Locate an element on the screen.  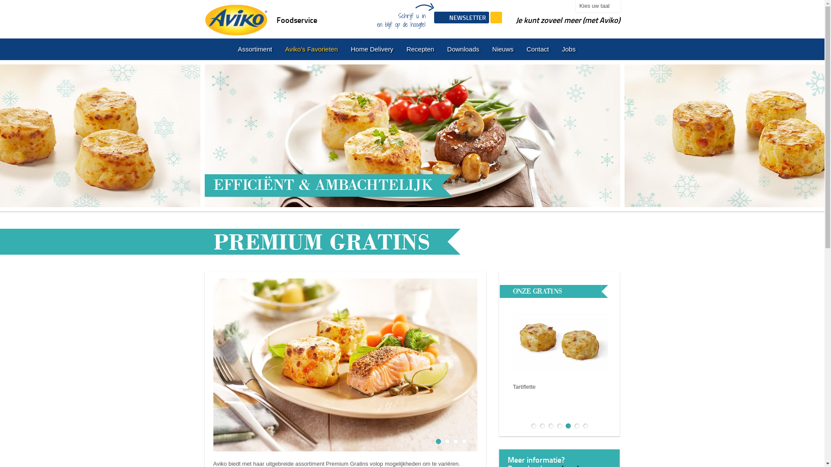
'Bel ons' is located at coordinates (490, 17).